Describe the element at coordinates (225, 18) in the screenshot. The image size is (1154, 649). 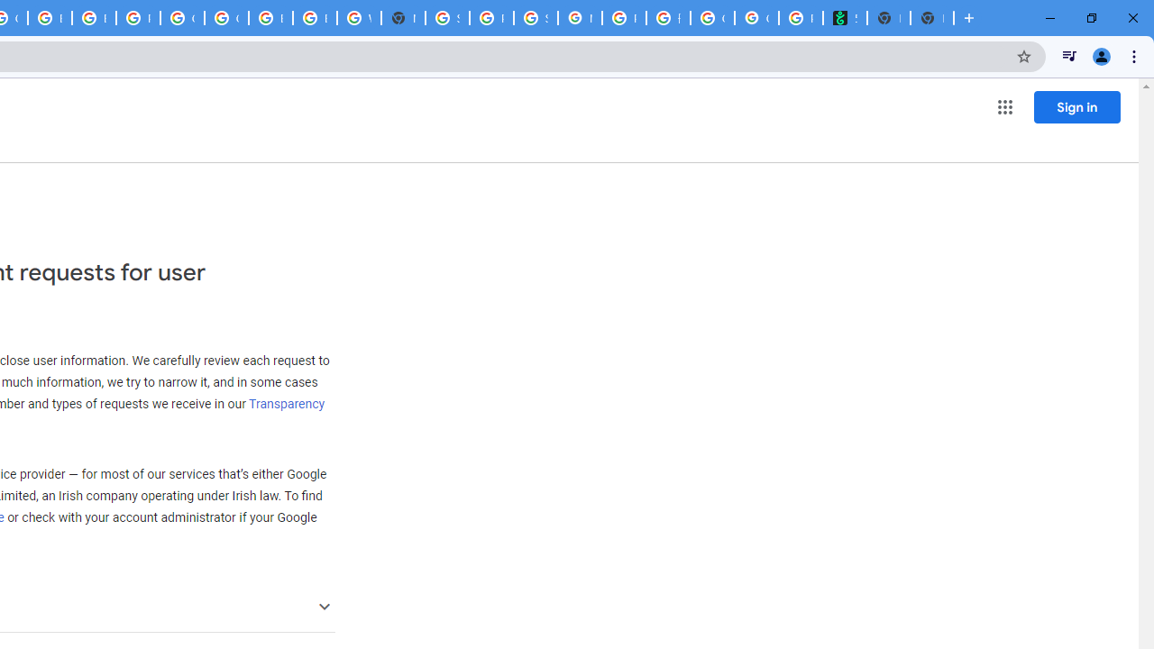
I see `'Google Cloud Platform'` at that location.